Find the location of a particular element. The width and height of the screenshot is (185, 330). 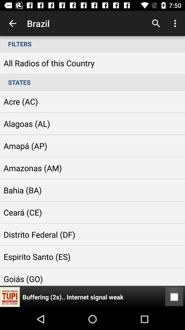

the icon above the filters icon is located at coordinates (156, 23).